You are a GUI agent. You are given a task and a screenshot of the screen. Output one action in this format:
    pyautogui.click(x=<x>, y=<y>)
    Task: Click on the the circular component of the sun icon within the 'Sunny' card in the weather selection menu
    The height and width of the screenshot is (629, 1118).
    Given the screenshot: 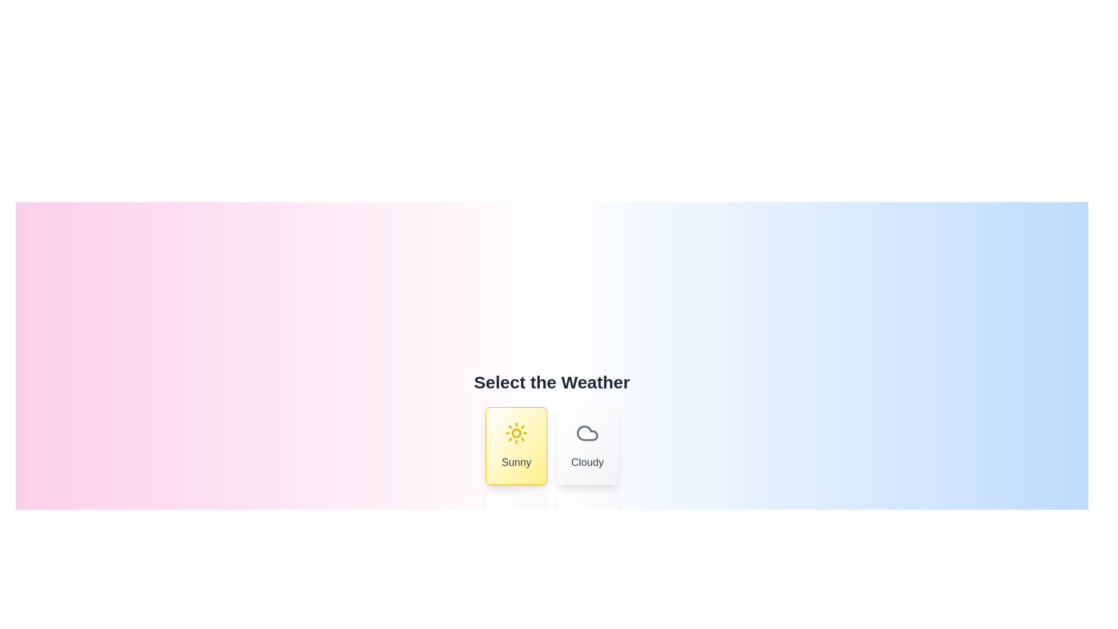 What is the action you would take?
    pyautogui.click(x=516, y=433)
    